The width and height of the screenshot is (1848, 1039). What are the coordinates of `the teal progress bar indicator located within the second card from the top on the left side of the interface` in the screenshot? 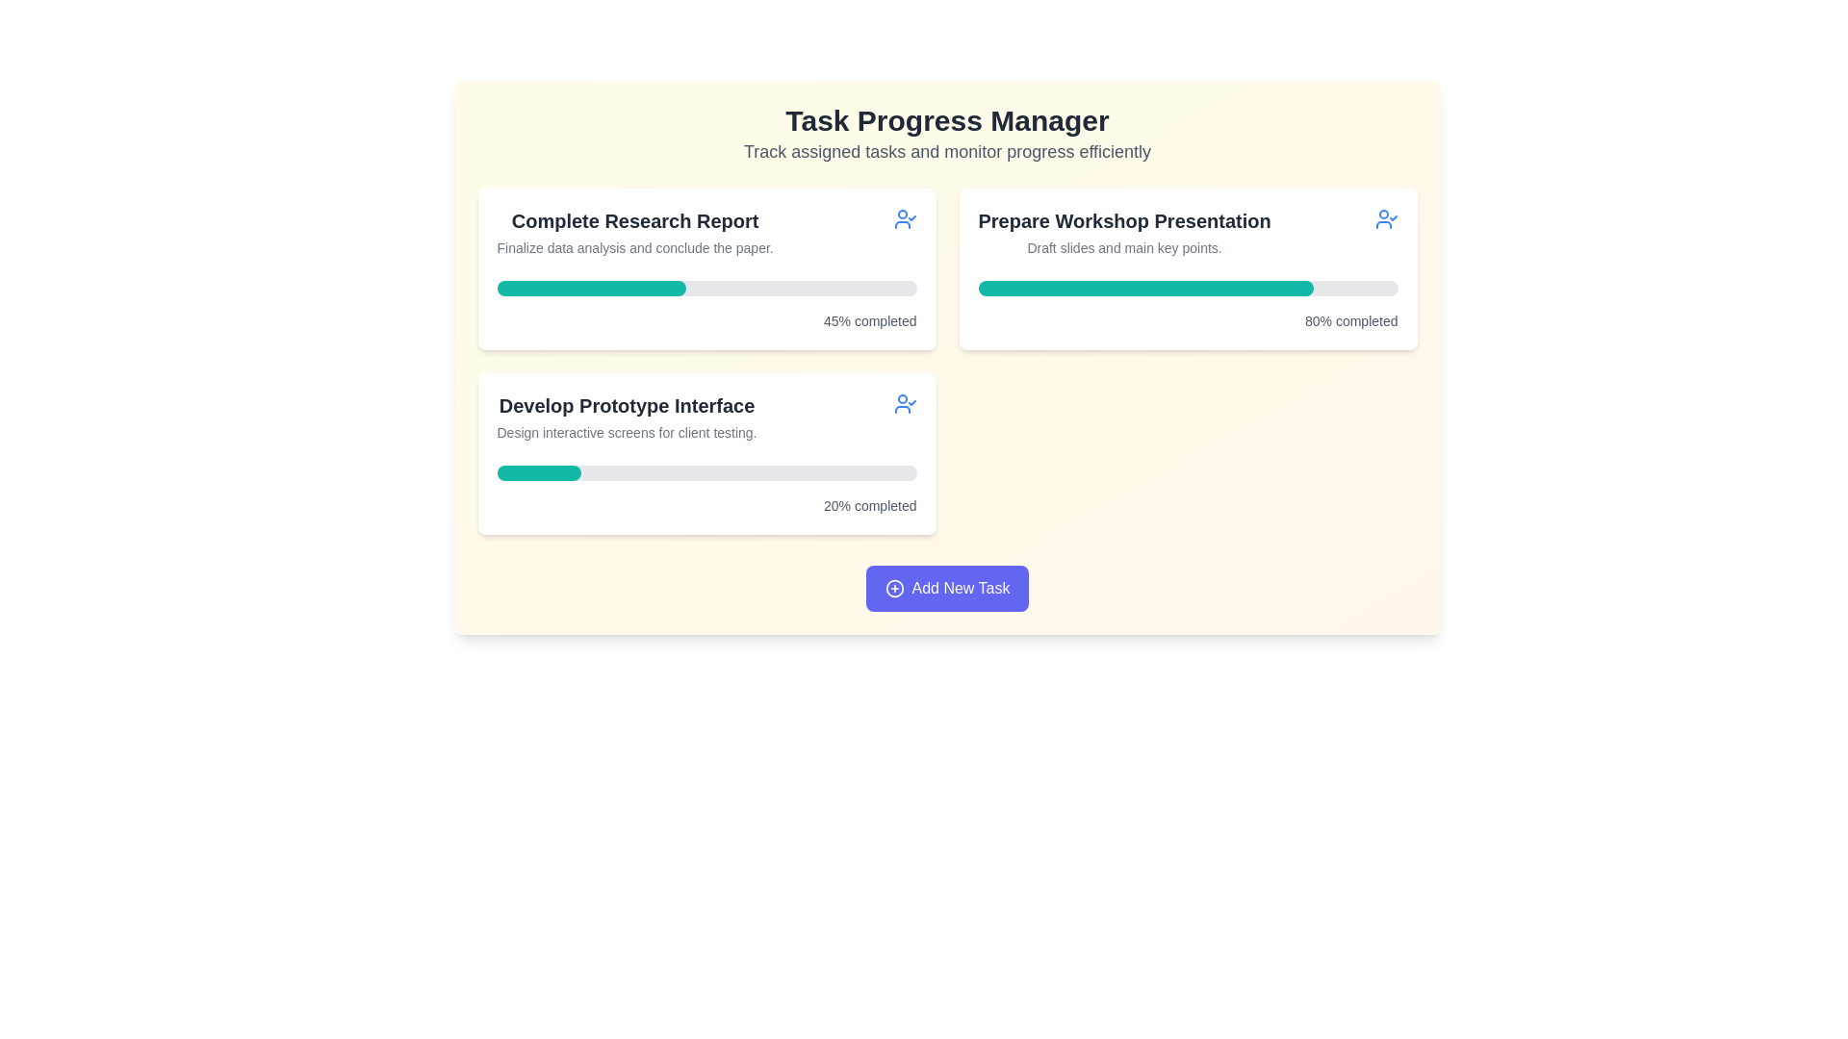 It's located at (539, 473).